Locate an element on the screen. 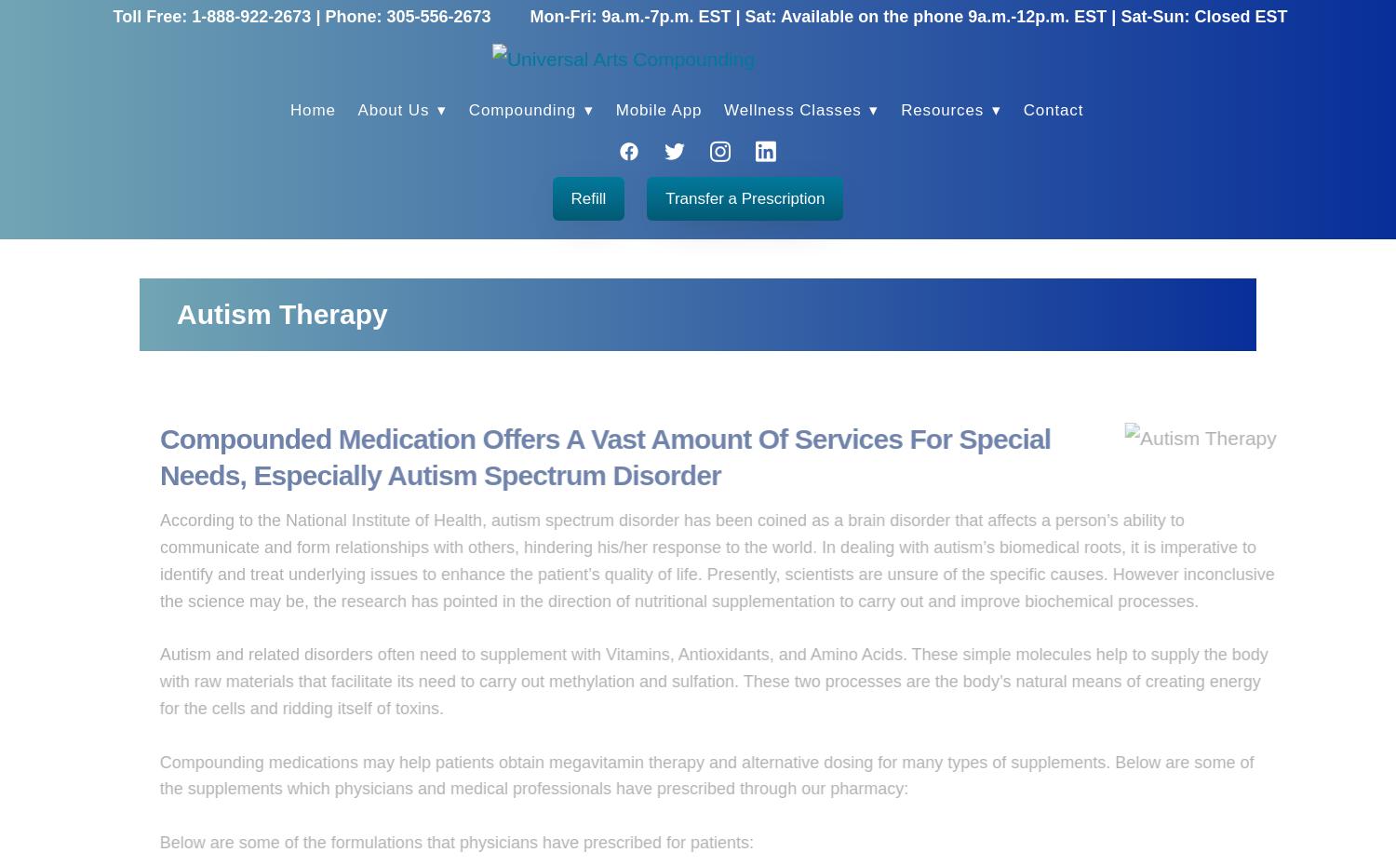  'About Us' is located at coordinates (395, 109).